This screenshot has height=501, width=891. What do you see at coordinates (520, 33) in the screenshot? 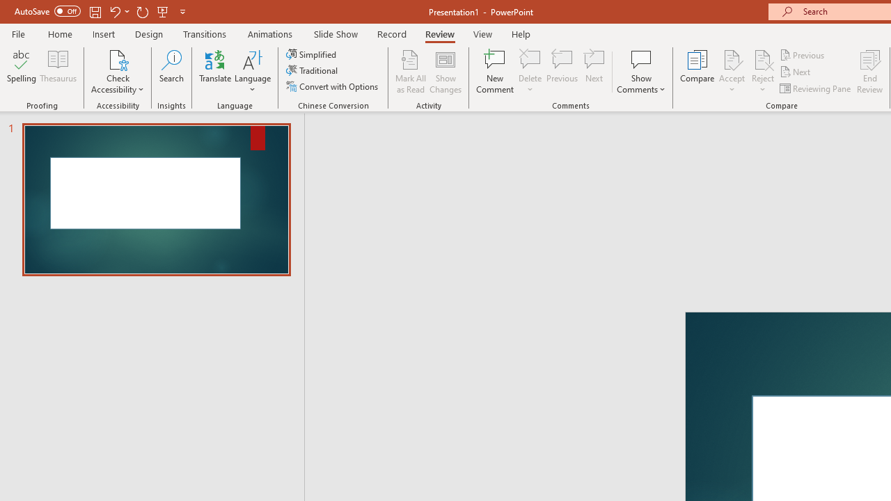
I see `'Help'` at bounding box center [520, 33].